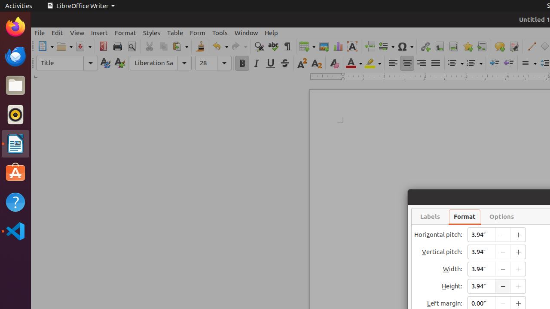  Describe the element at coordinates (15, 173) in the screenshot. I see `'Ubuntu Software'` at that location.